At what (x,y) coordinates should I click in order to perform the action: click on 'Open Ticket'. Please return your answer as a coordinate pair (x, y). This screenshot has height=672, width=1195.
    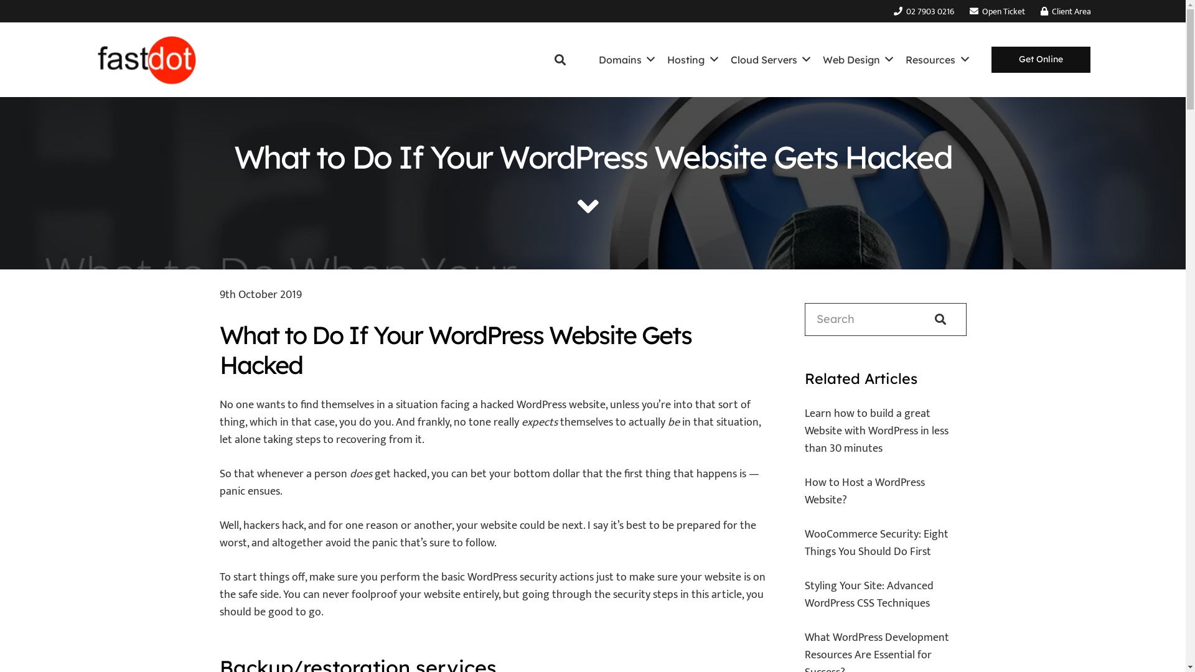
    Looking at the image, I should click on (997, 11).